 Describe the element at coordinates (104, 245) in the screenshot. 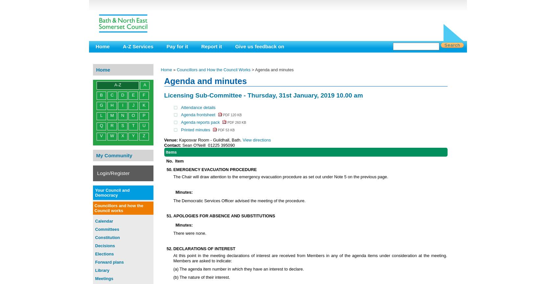

I see `'Decisions'` at that location.